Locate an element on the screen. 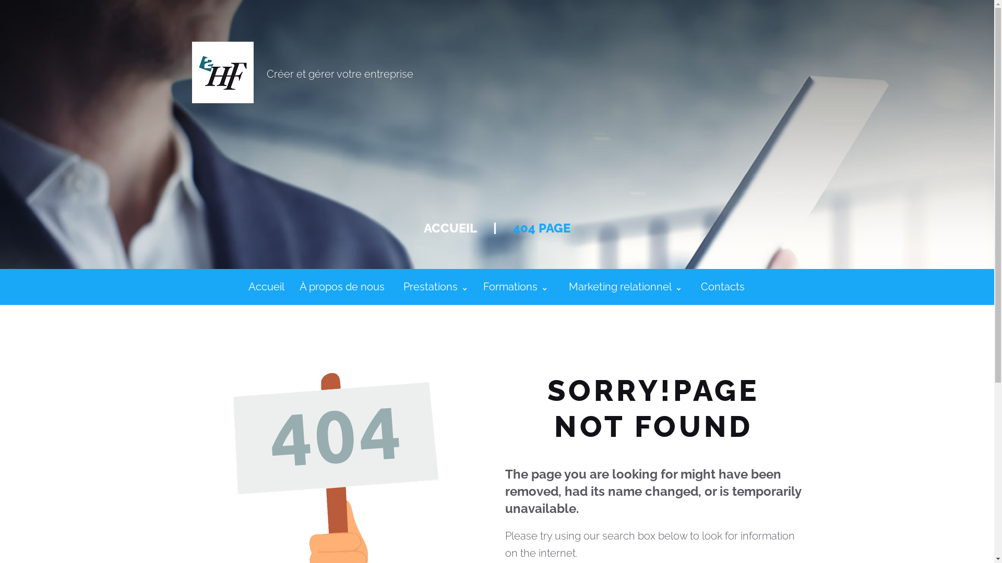 This screenshot has width=1002, height=563. 'Marketing relationnel' is located at coordinates (625, 287).